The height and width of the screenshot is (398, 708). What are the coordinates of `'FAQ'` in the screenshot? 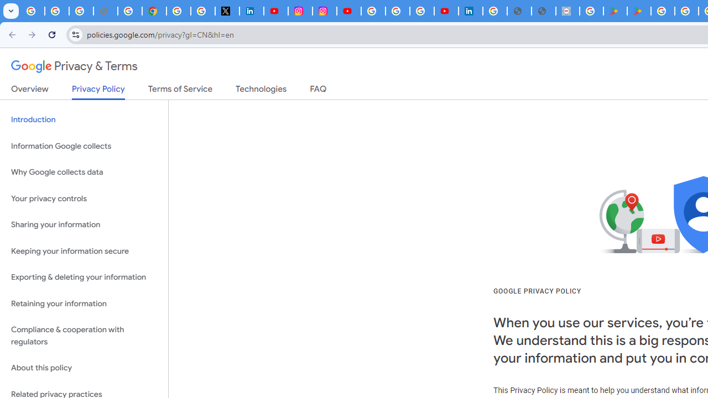 It's located at (318, 91).